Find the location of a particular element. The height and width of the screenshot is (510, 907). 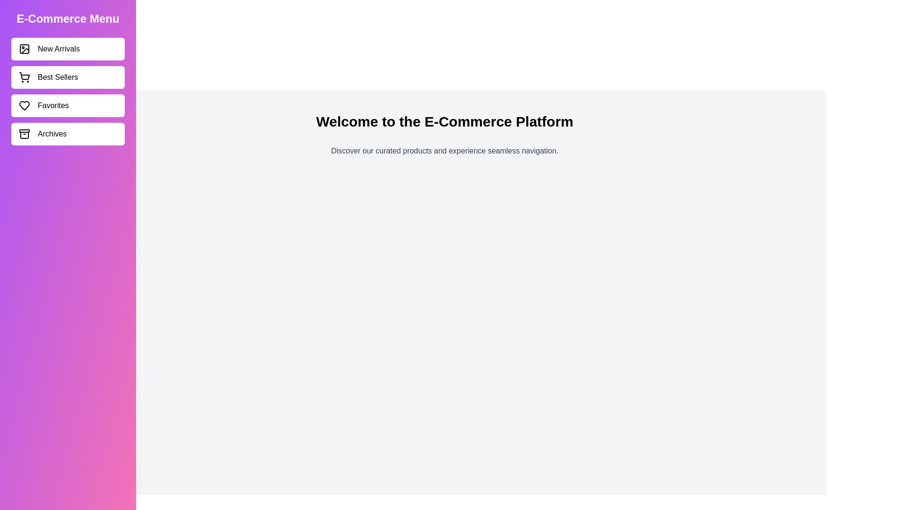

the icon corresponding to Best Sellers in the sidebar is located at coordinates (25, 77).